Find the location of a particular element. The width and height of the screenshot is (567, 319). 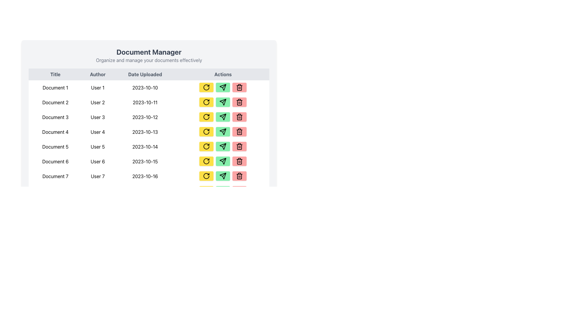

the text label displaying the date '2023-10-13' in the 'Date Uploaded' column of the document table, as it may be interactive is located at coordinates (145, 132).